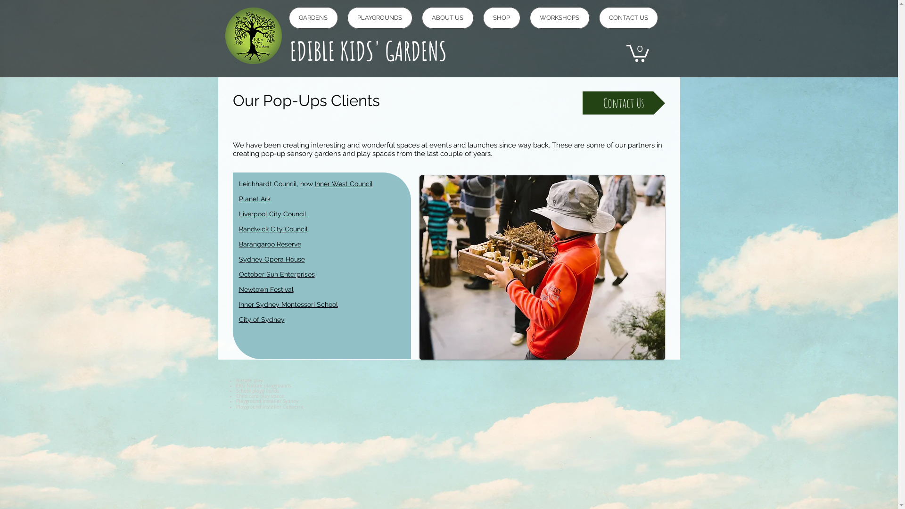  I want to click on 'Liverpool City Council ', so click(272, 214).